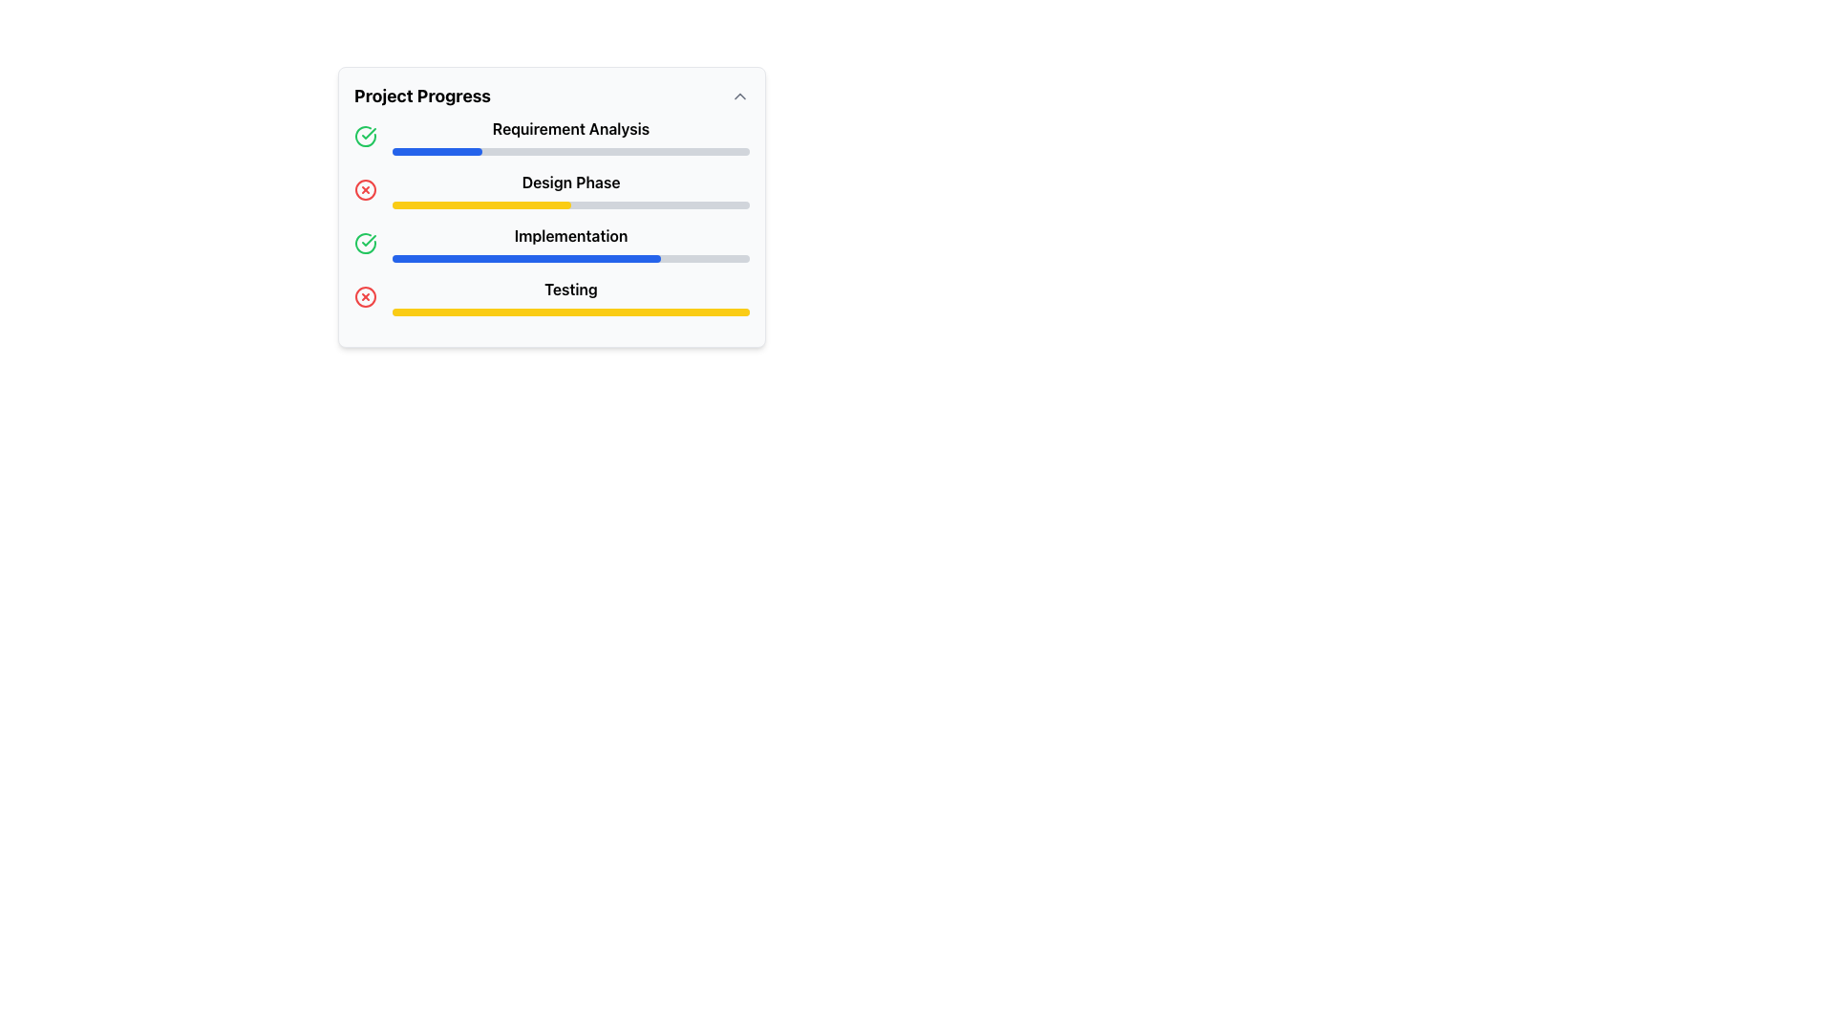 The height and width of the screenshot is (1032, 1834). What do you see at coordinates (570, 234) in the screenshot?
I see `the 'Implementation' text label that is centrally positioned above the progress bar, distinguishing itself among the progress indicators` at bounding box center [570, 234].